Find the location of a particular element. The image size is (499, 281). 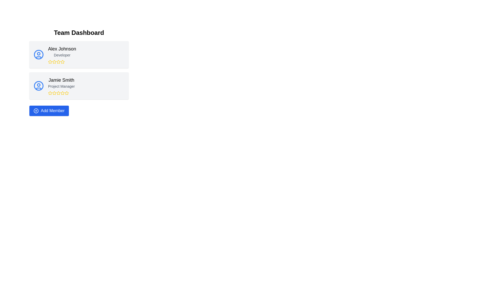

the fourth yellow star icon in the user rating section below the 'Alex Johnson' profile card is located at coordinates (62, 62).